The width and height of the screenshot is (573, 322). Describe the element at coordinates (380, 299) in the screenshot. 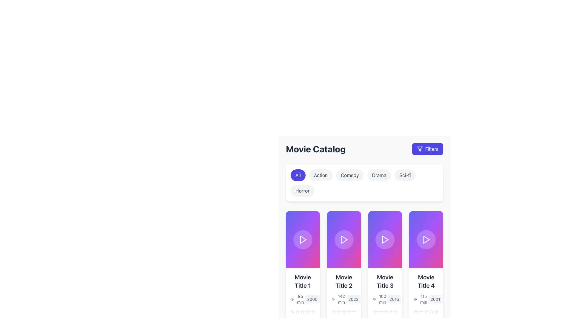

I see `duration displayed in the text label with an icon indicative of time located at the bottom section of the card for 'Movie Title 3', just above the rating stars and left of the year '2016'` at that location.